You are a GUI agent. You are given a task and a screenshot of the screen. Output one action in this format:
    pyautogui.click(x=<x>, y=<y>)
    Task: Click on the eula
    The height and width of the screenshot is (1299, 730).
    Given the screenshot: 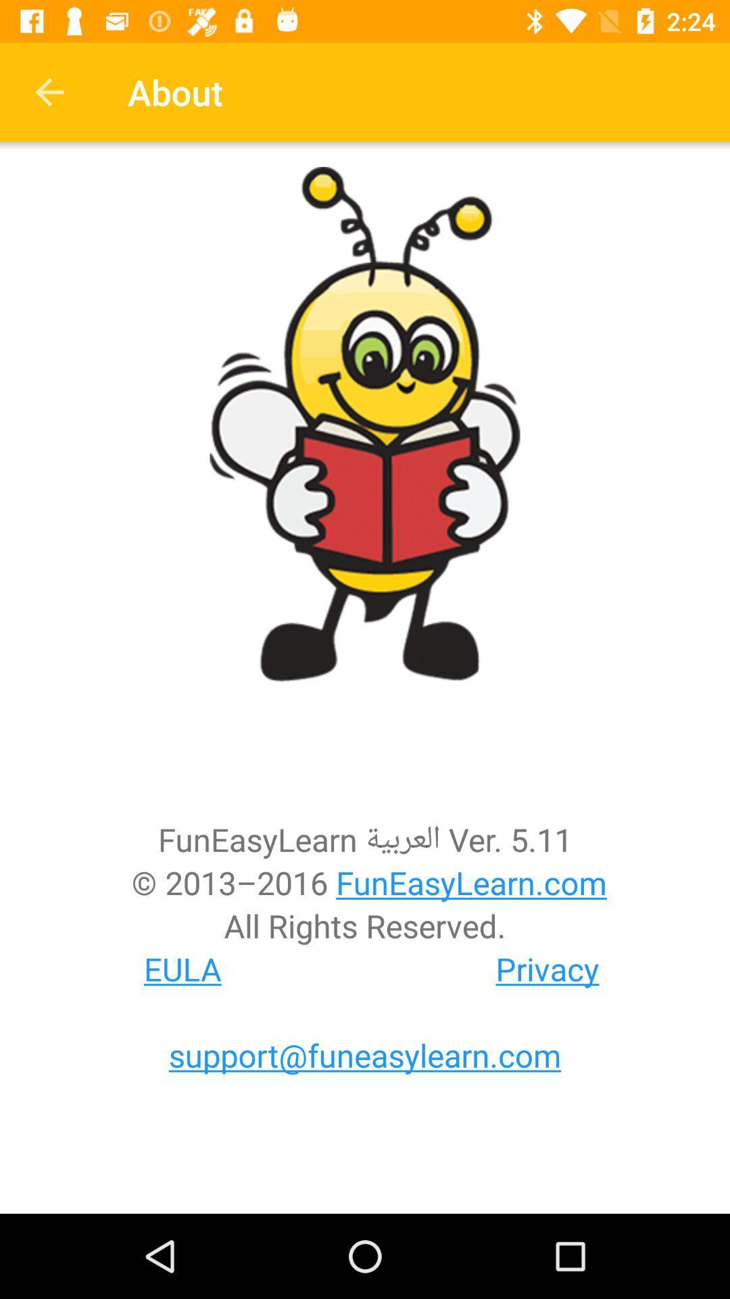 What is the action you would take?
    pyautogui.click(x=182, y=968)
    